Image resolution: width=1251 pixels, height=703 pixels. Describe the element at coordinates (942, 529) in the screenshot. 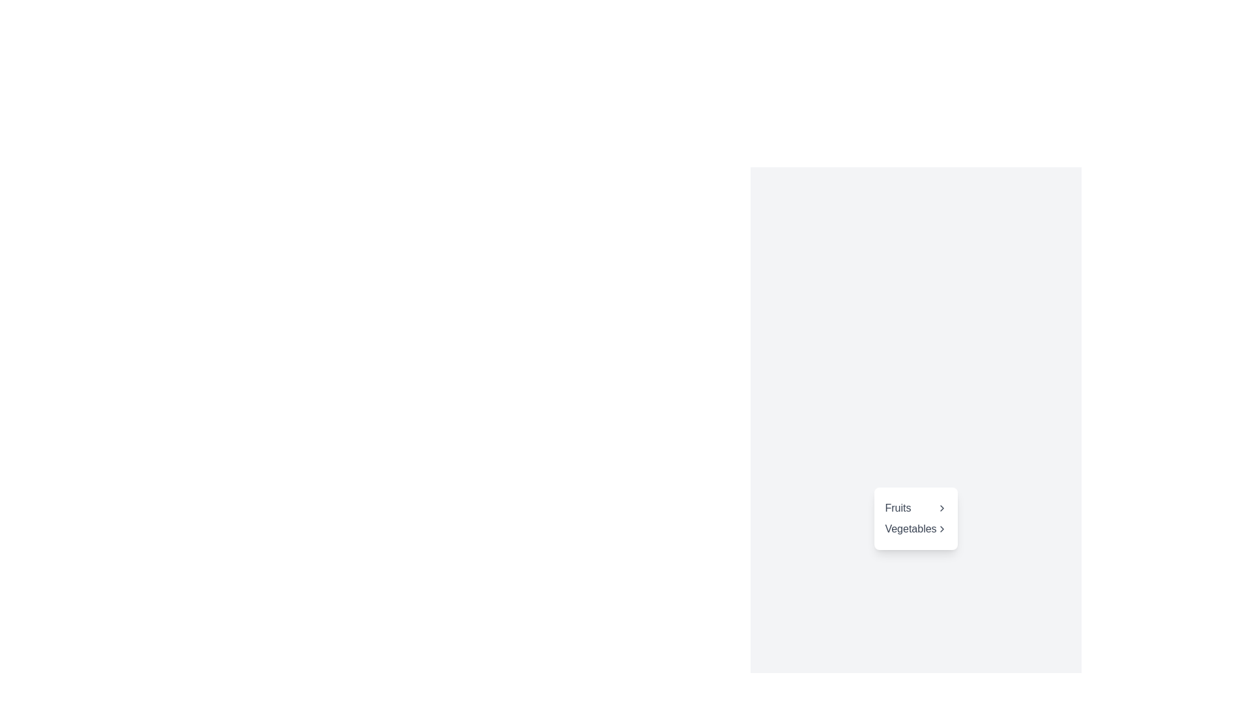

I see `the Chevron icon next to the 'Vegetables' menu item` at that location.